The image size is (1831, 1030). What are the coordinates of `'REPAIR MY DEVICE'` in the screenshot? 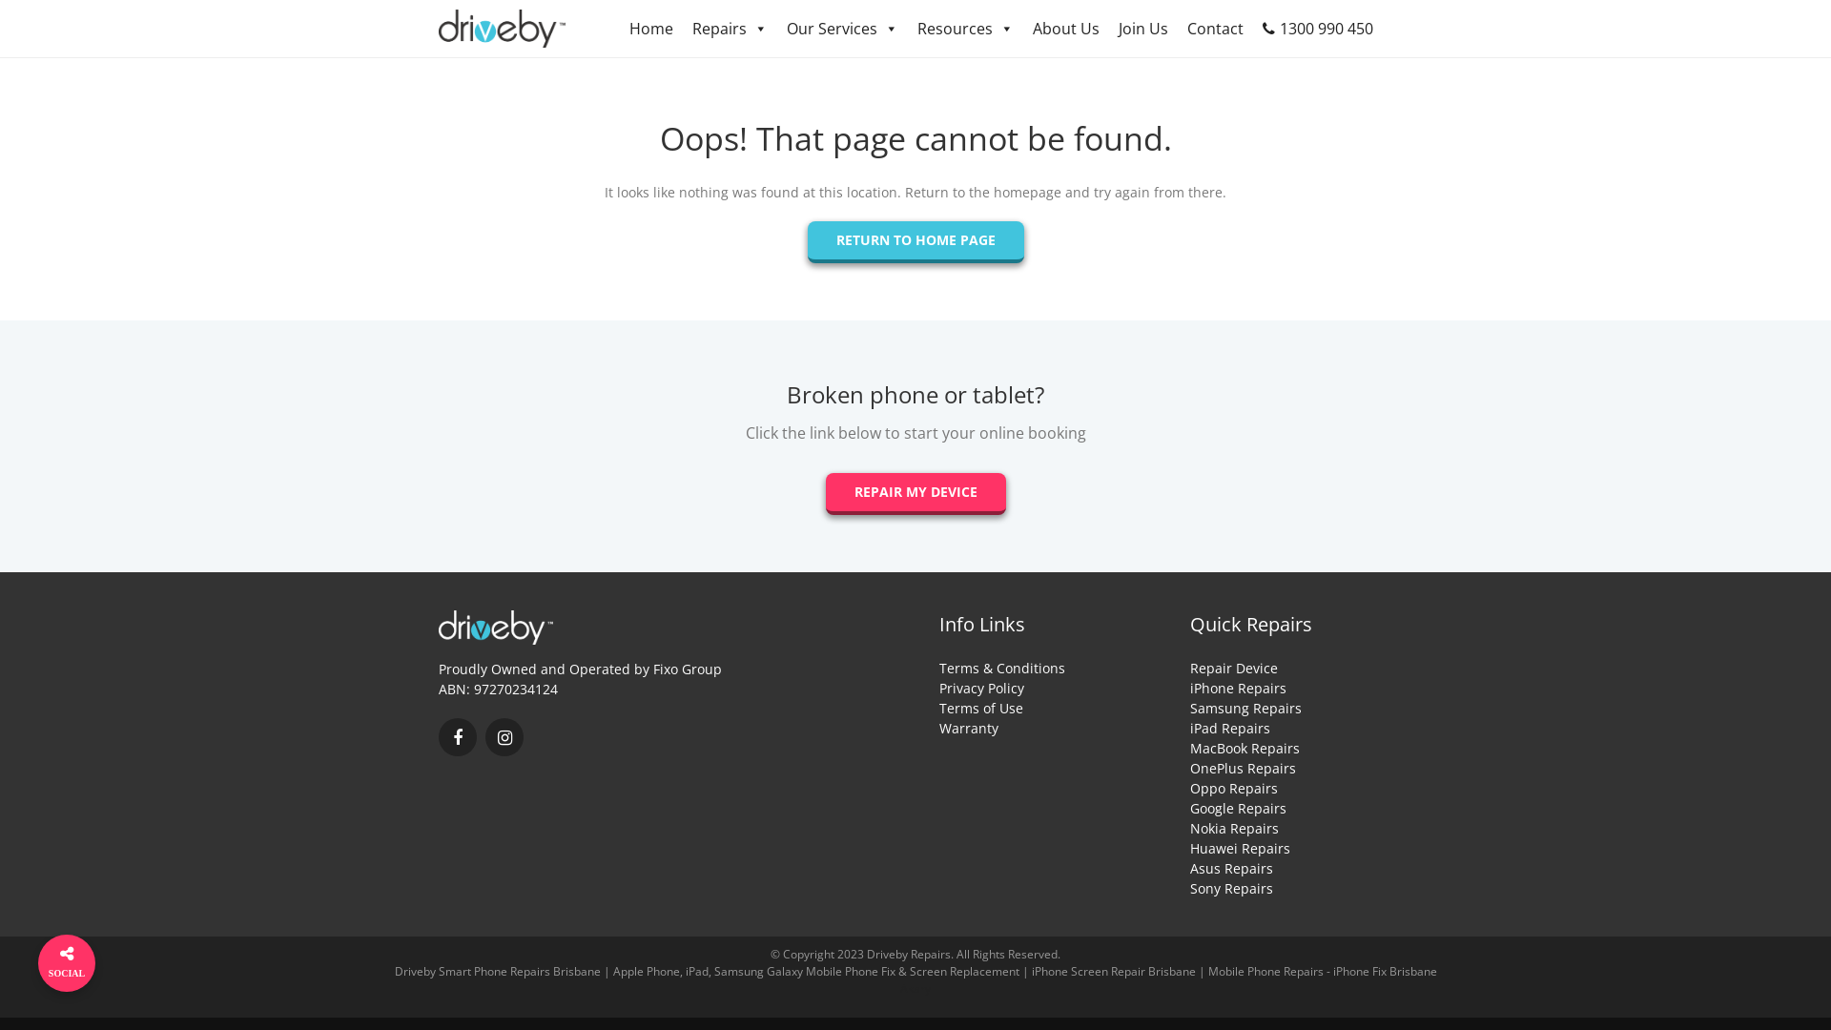 It's located at (915, 492).